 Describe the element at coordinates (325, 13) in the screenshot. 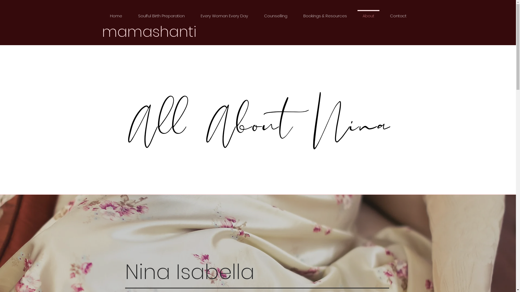

I see `'Bookings & Resources'` at that location.